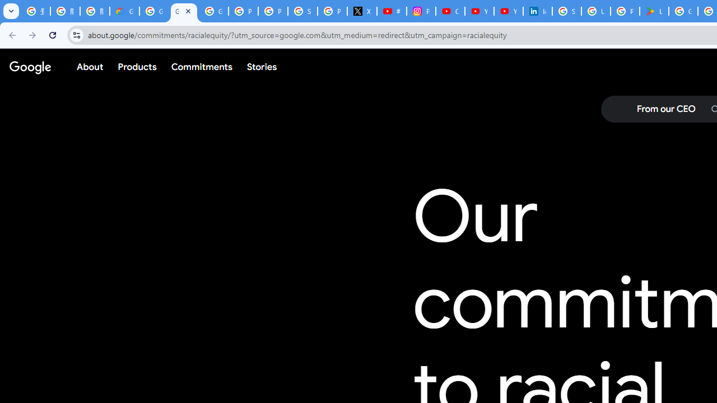 Image resolution: width=717 pixels, height=403 pixels. What do you see at coordinates (137, 67) in the screenshot?
I see `'Products'` at bounding box center [137, 67].